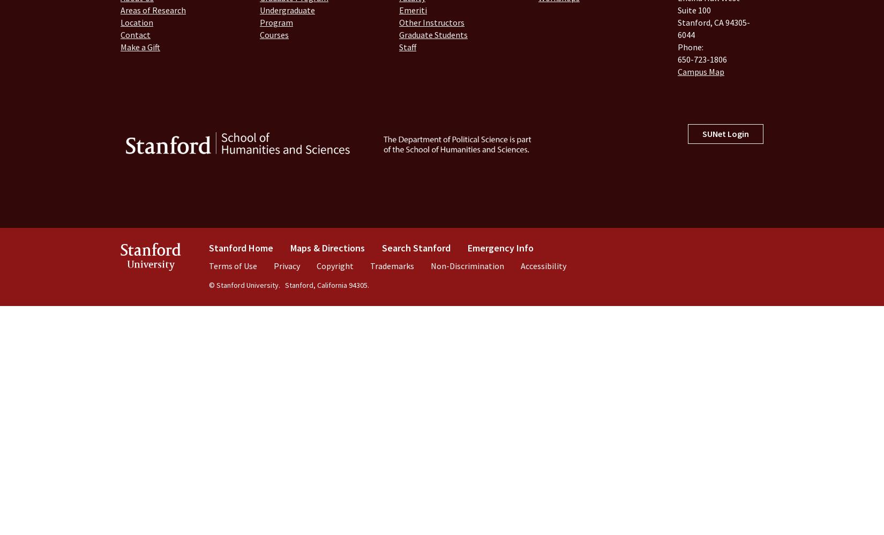 The width and height of the screenshot is (884, 535). Describe the element at coordinates (121, 34) in the screenshot. I see `'Contact'` at that location.